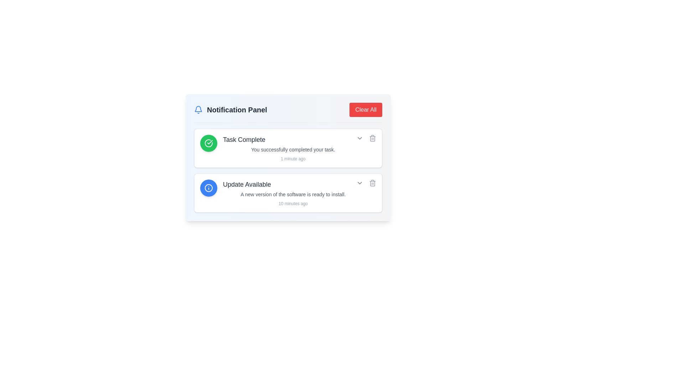 The width and height of the screenshot is (684, 384). Describe the element at coordinates (244, 140) in the screenshot. I see `the text label that displays 'Task Complete' in a bold and large gray font, located within the notification card to the right of a green circular checkmark icon` at that location.